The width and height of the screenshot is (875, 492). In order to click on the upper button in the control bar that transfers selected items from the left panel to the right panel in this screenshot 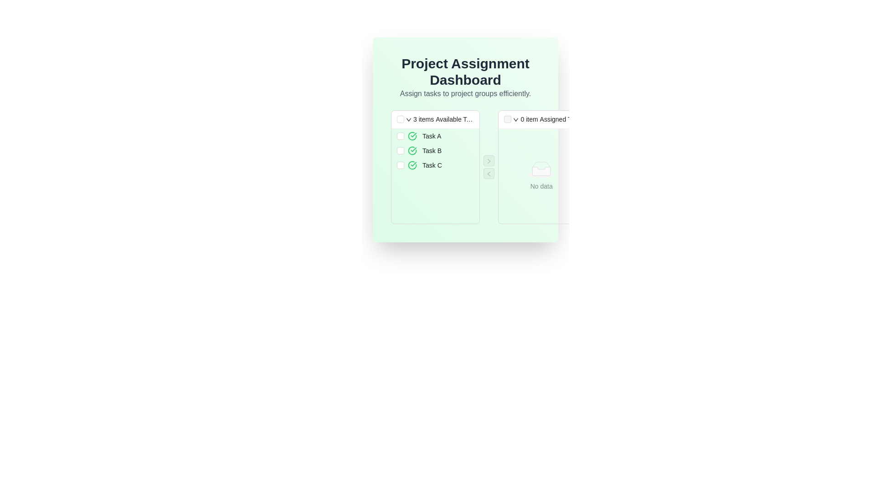, I will do `click(489, 160)`.